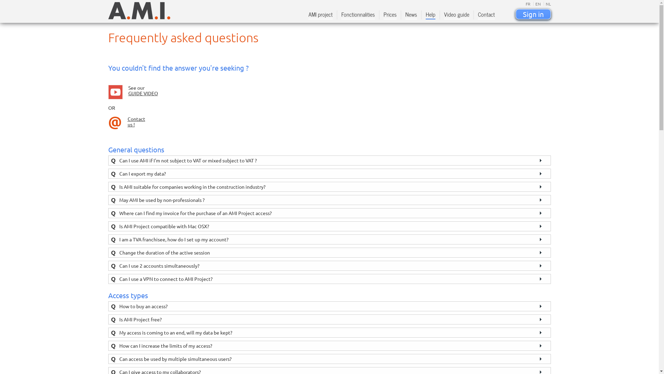 This screenshot has height=374, width=664. Describe the element at coordinates (108, 92) in the screenshot. I see `'ami project video guide'` at that location.